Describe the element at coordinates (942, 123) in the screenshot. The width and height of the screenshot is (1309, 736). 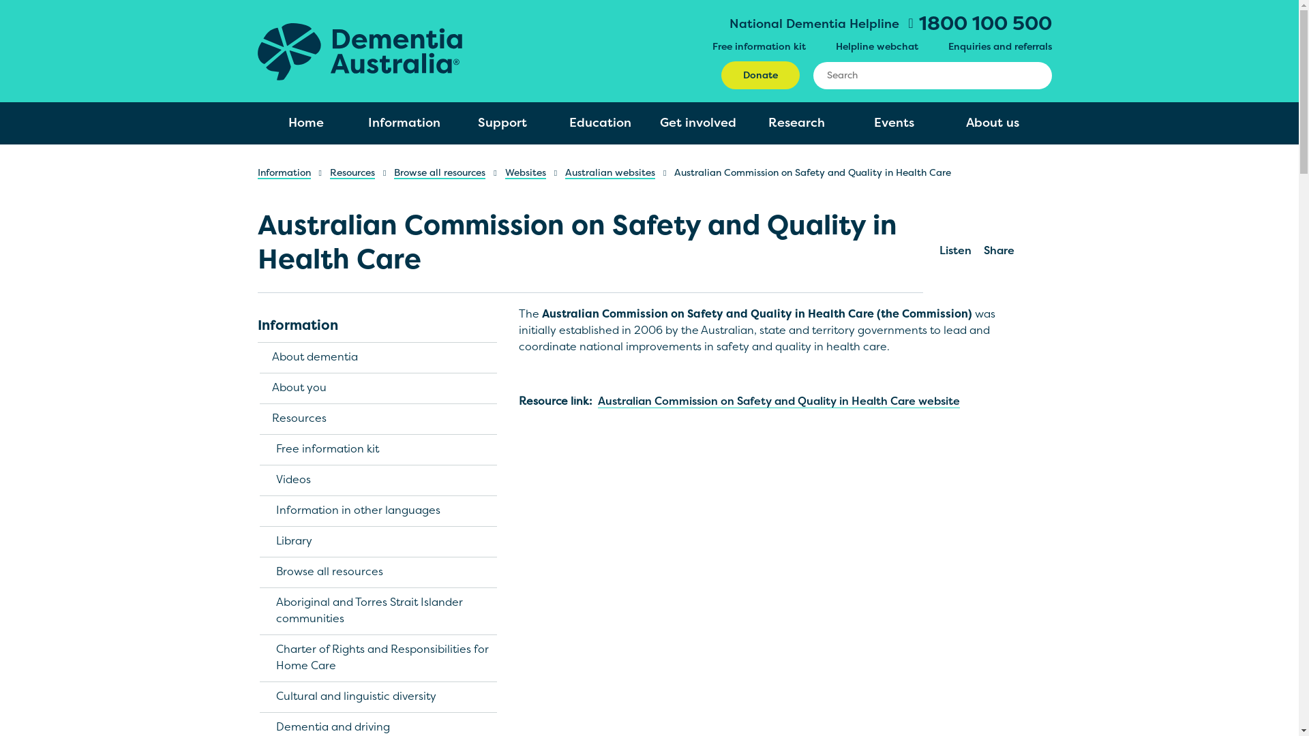
I see `'About us'` at that location.